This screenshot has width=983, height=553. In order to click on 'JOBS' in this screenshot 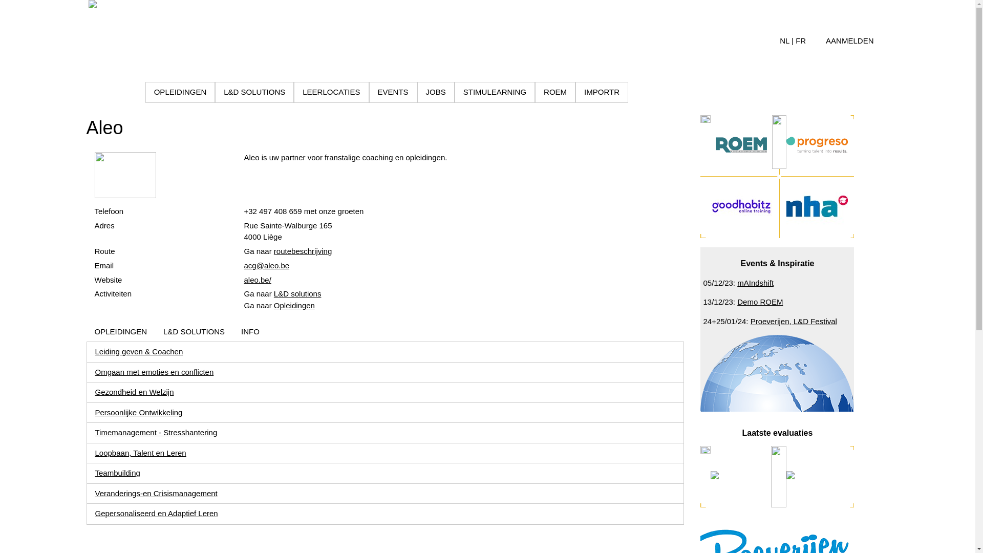, I will do `click(435, 92)`.